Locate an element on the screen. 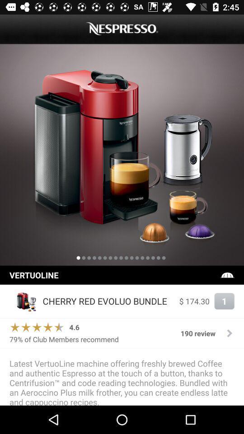  the item next to 4.6 item is located at coordinates (36, 326).